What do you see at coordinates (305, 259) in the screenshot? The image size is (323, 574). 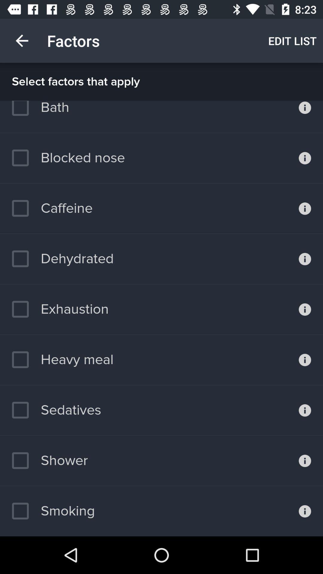 I see `see more information` at bounding box center [305, 259].